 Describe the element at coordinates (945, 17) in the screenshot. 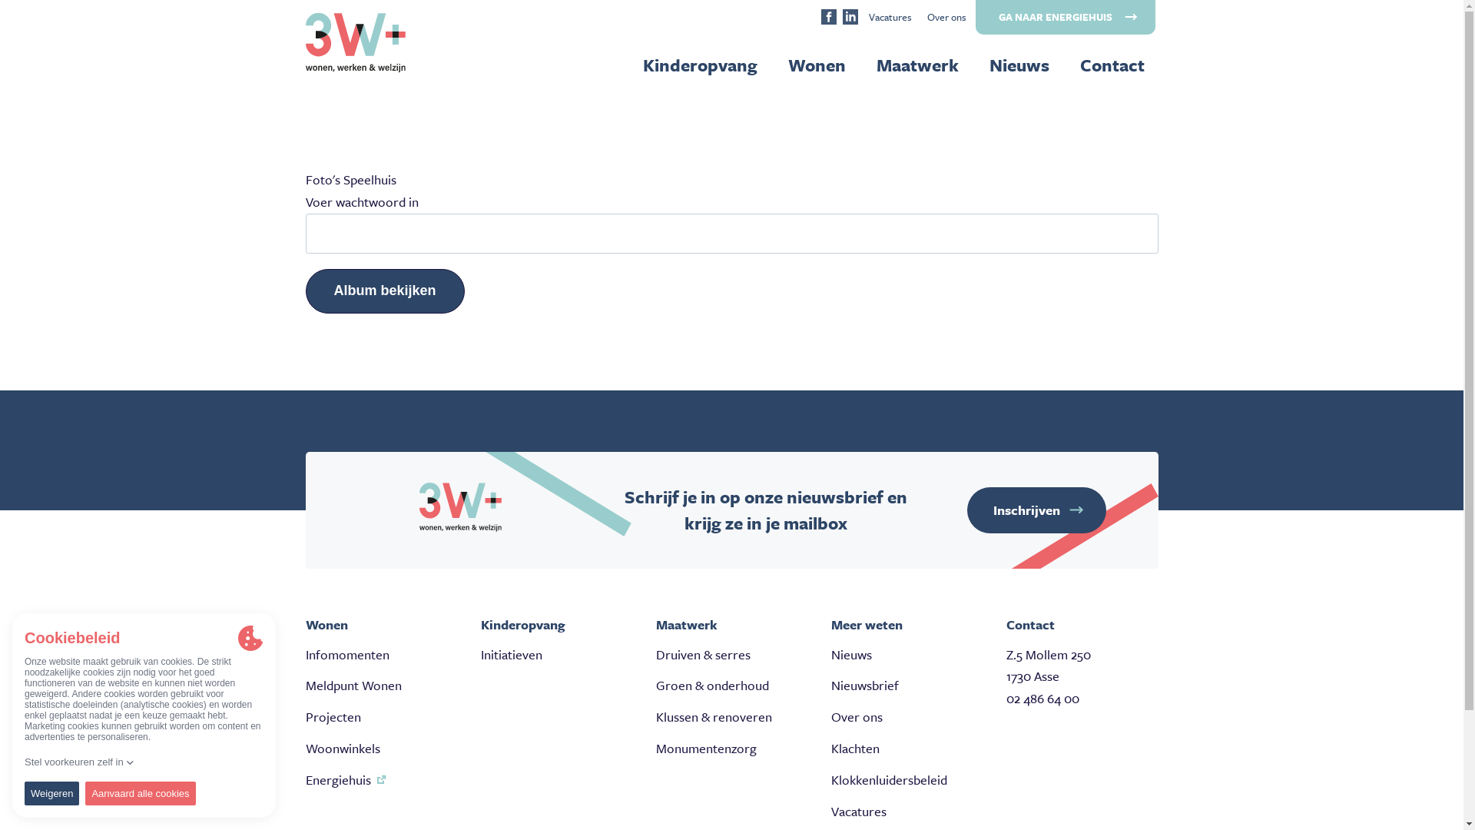

I see `'Over ons'` at that location.